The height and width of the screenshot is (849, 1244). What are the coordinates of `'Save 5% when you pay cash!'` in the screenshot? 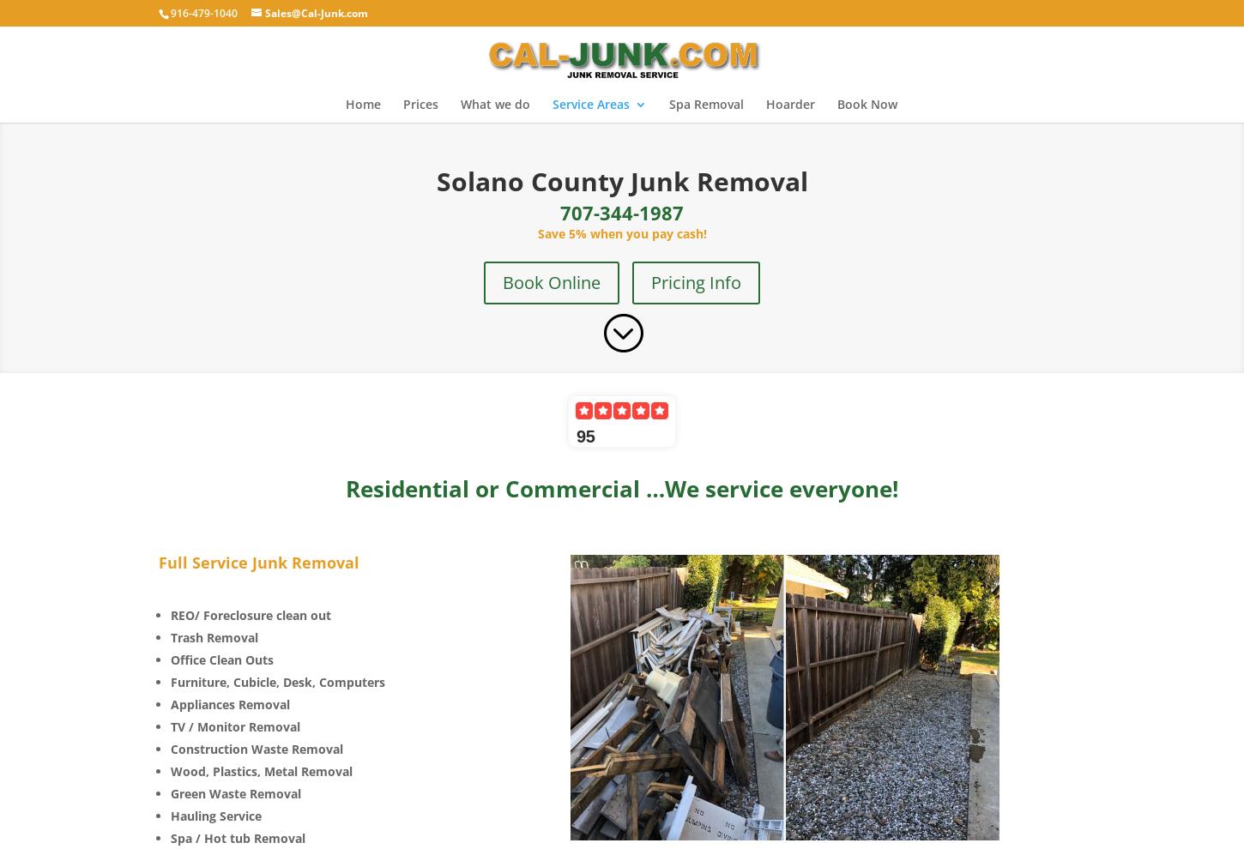 It's located at (620, 232).